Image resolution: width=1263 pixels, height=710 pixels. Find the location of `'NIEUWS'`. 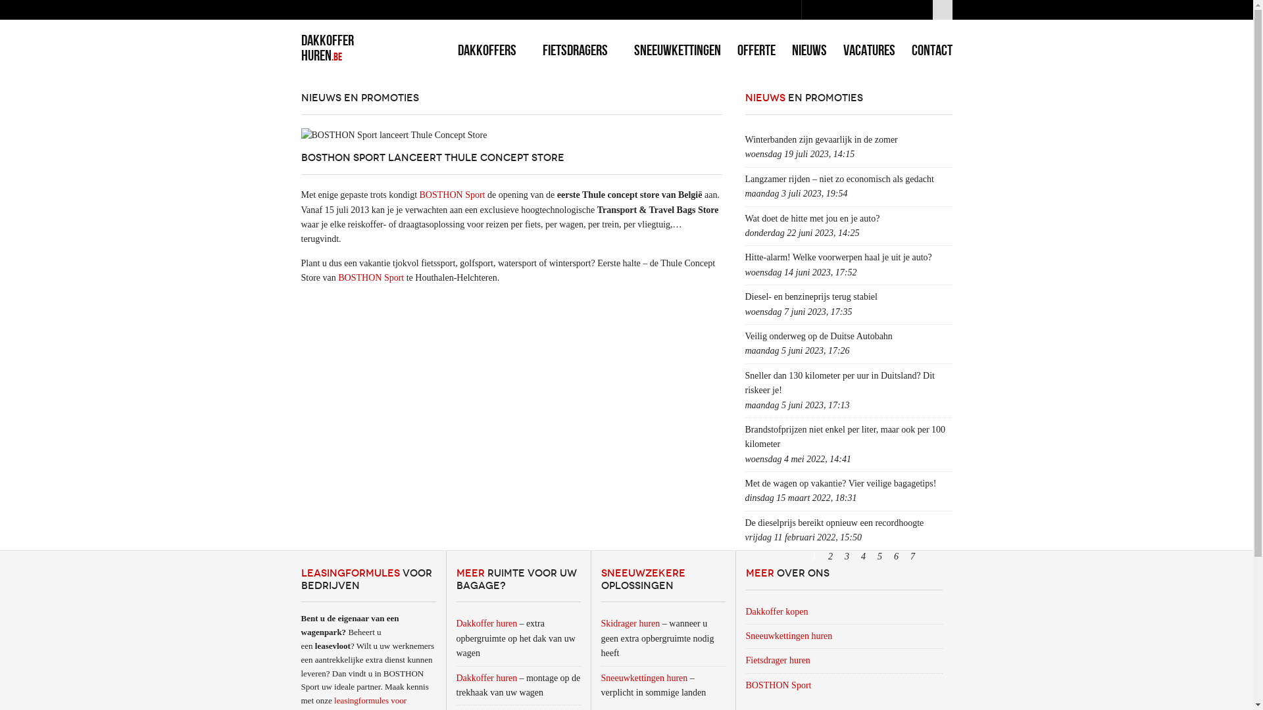

'NIEUWS' is located at coordinates (808, 49).